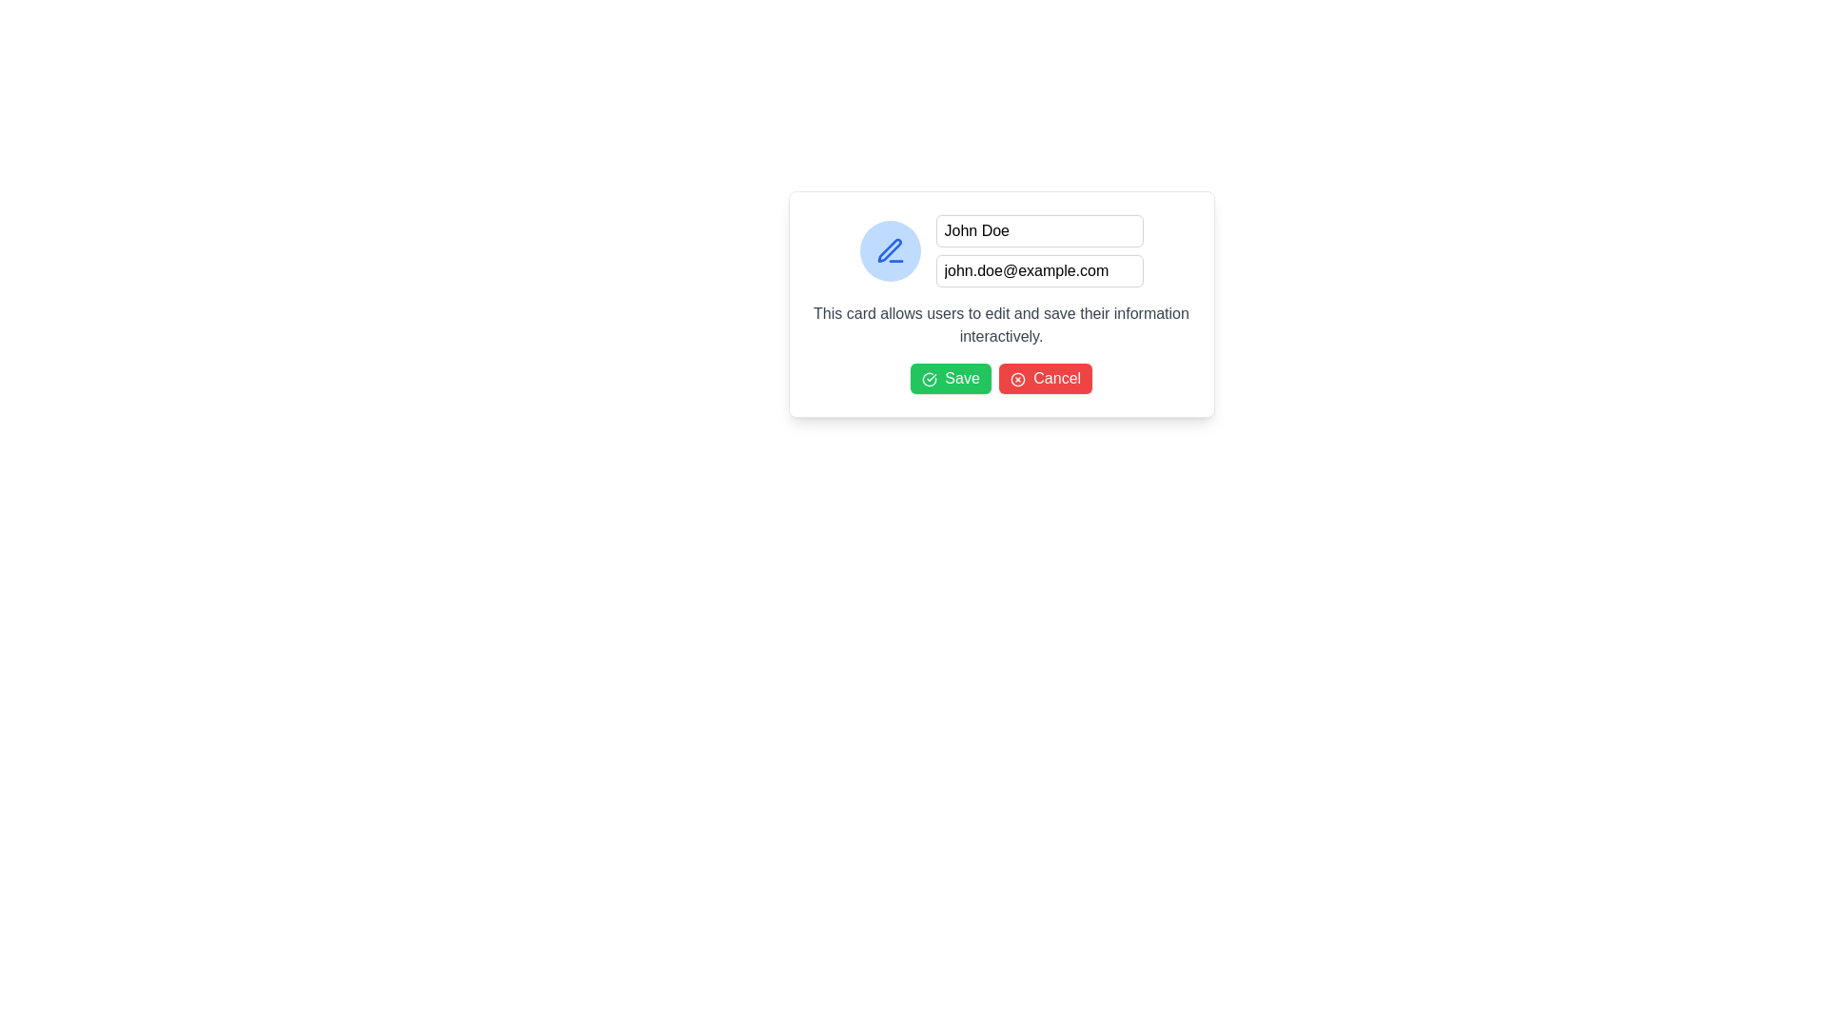 Image resolution: width=1827 pixels, height=1028 pixels. What do you see at coordinates (1016, 379) in the screenshot?
I see `the circular icon with an 'X' mark, which is positioned to the left of the 'Cancel' button in the bottom-right corner of the popup form dialog, to associate it with the cancel operation` at bounding box center [1016, 379].